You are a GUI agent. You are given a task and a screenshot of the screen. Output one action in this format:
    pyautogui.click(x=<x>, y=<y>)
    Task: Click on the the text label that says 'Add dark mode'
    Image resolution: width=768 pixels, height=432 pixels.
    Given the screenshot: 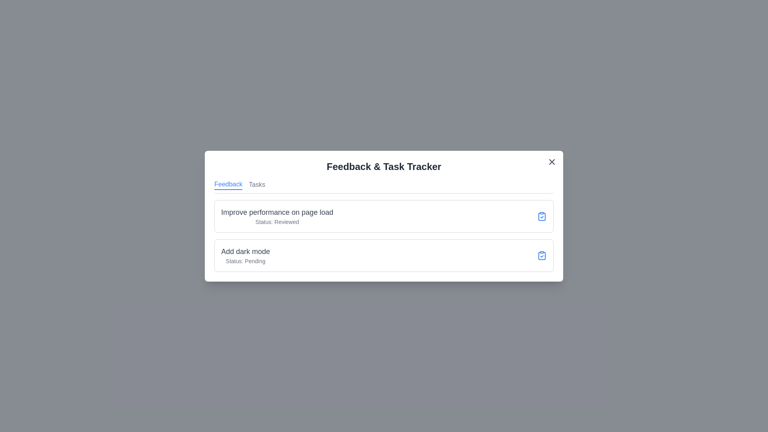 What is the action you would take?
    pyautogui.click(x=245, y=251)
    